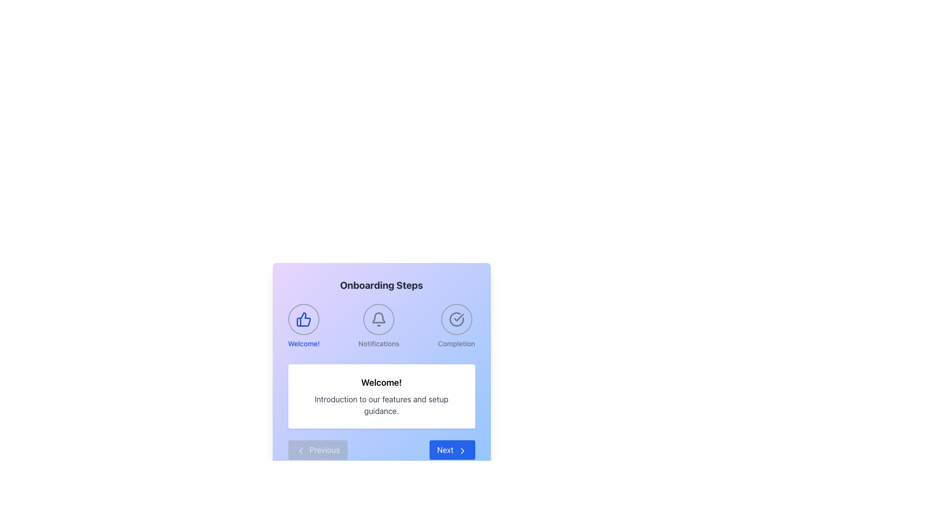 The width and height of the screenshot is (935, 526). What do you see at coordinates (456, 326) in the screenshot?
I see `the 'Completion' step icon in the 'Onboarding Steps' section, located to the right of 'Welcome!' and 'Notifications'` at bounding box center [456, 326].